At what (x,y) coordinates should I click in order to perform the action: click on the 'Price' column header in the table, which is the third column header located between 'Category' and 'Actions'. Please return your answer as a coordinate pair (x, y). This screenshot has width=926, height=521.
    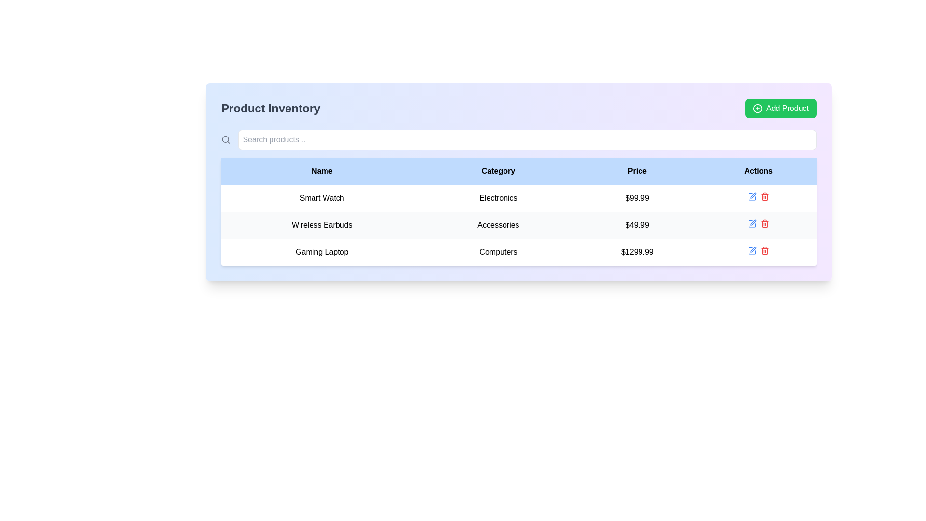
    Looking at the image, I should click on (637, 170).